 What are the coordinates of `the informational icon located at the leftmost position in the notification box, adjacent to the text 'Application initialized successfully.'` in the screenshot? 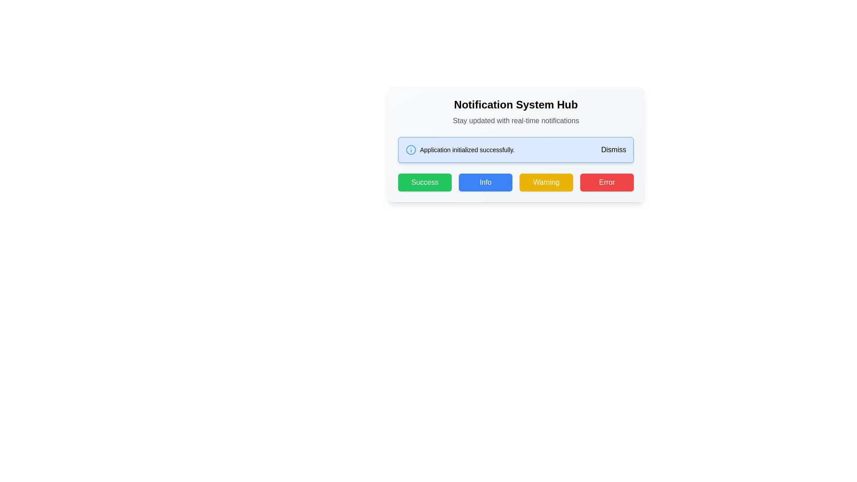 It's located at (411, 149).